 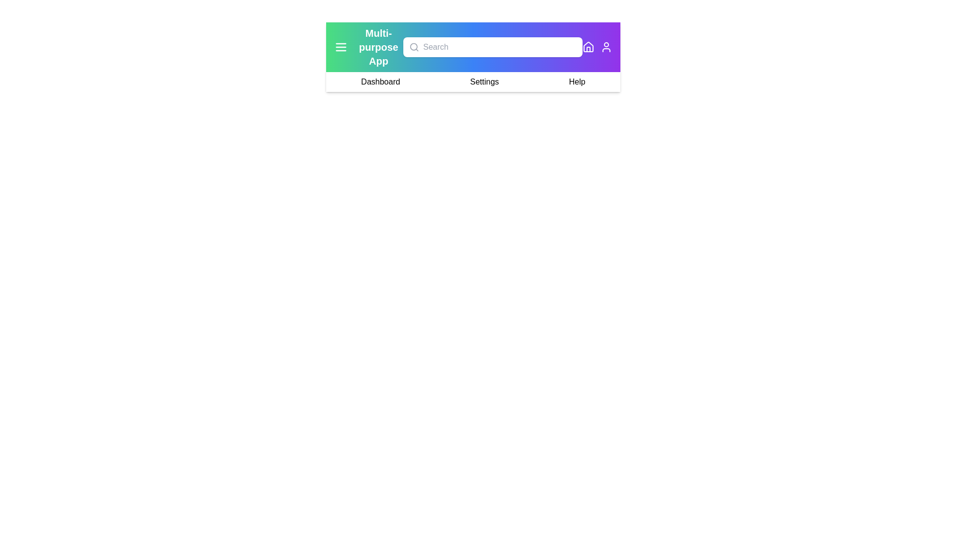 I want to click on the navigation item Dashboard, so click(x=380, y=82).